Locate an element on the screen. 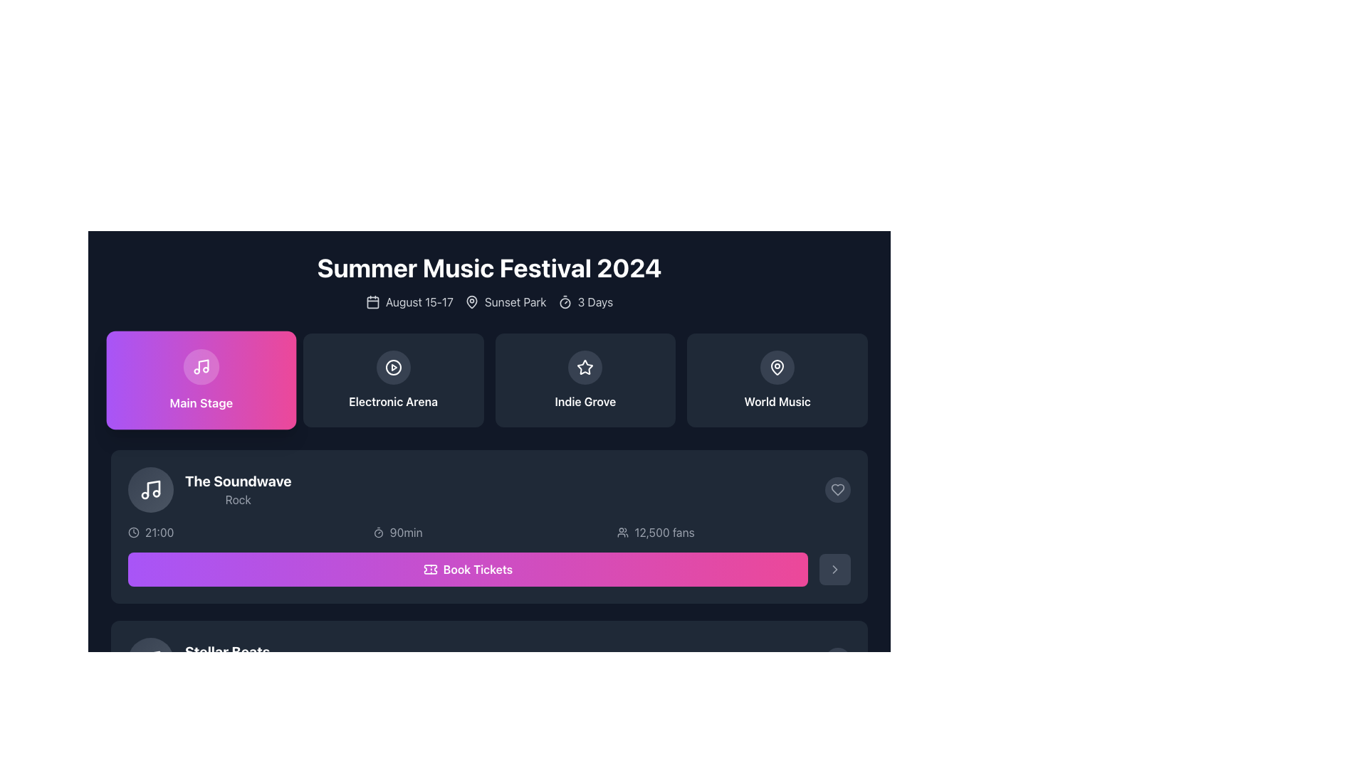 This screenshot has height=768, width=1367. the heart-shaped icon, which symbolizes a 'like' or 'favorite' action, to mark the event as a favorite is located at coordinates (837, 489).